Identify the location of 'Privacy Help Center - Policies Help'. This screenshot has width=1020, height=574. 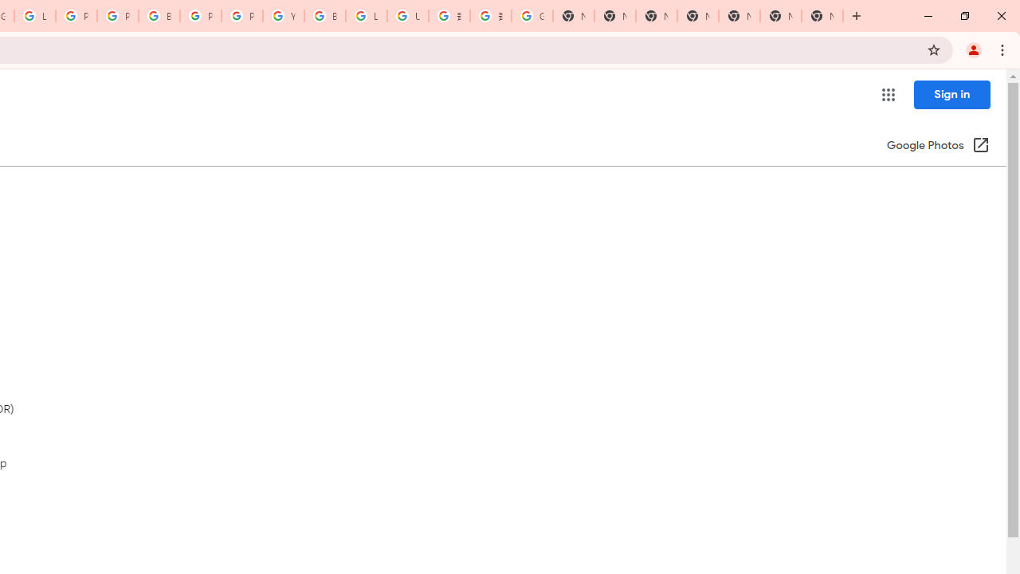
(116, 16).